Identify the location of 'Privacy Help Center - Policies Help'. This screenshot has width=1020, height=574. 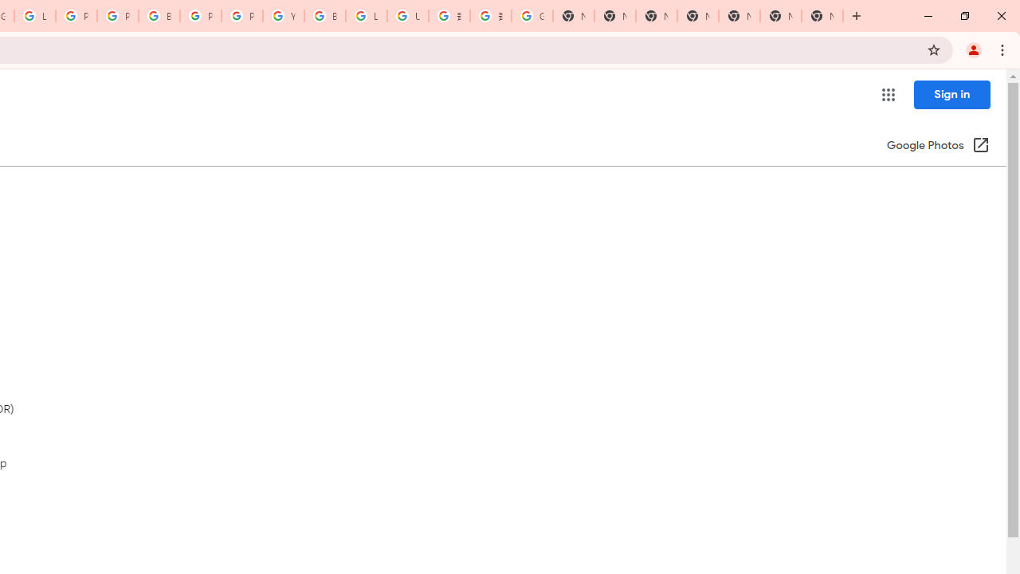
(116, 16).